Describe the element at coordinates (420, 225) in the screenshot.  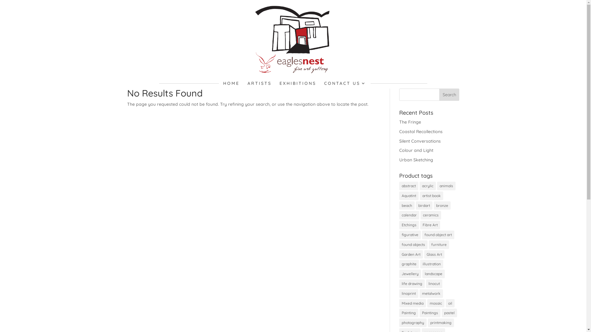
I see `'Fibre Art'` at that location.